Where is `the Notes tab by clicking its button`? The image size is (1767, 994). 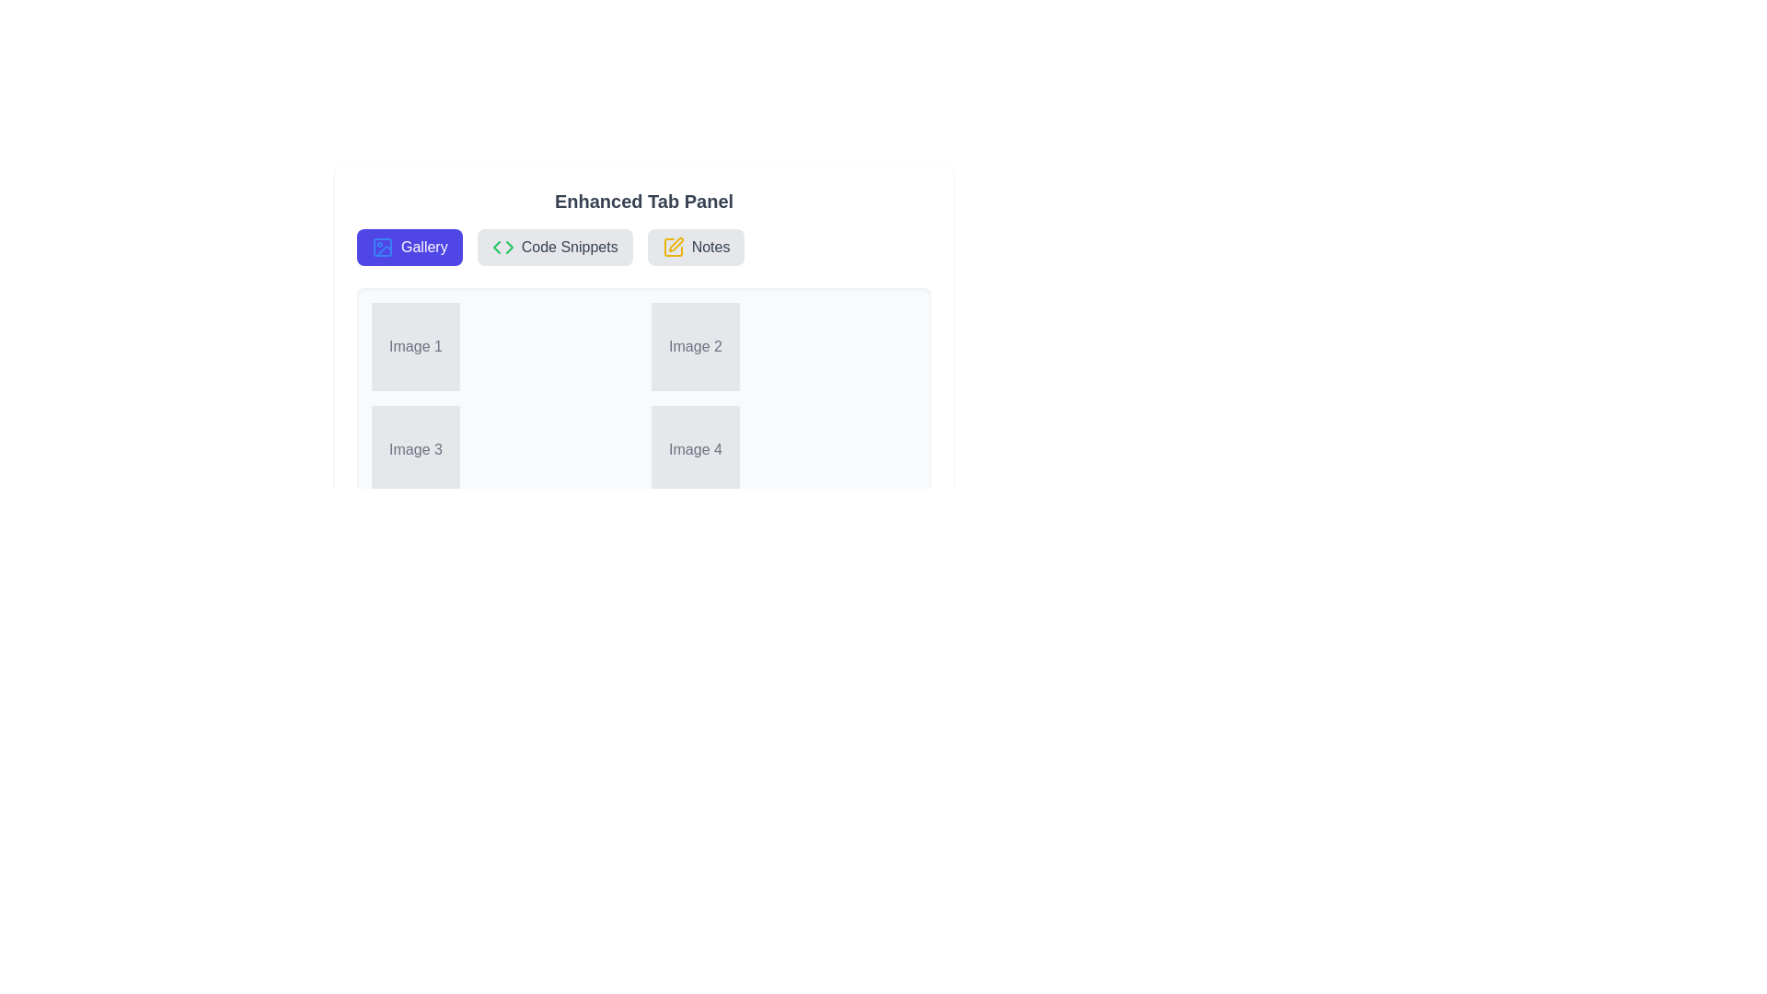
the Notes tab by clicking its button is located at coordinates (694, 247).